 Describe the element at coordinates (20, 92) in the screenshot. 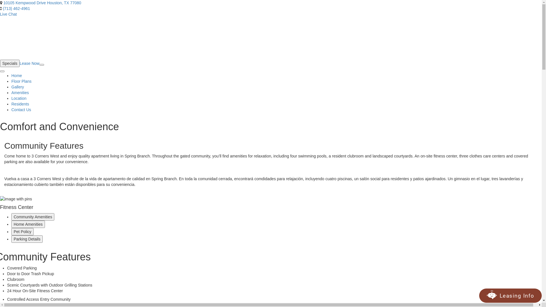

I see `'Amenities'` at that location.